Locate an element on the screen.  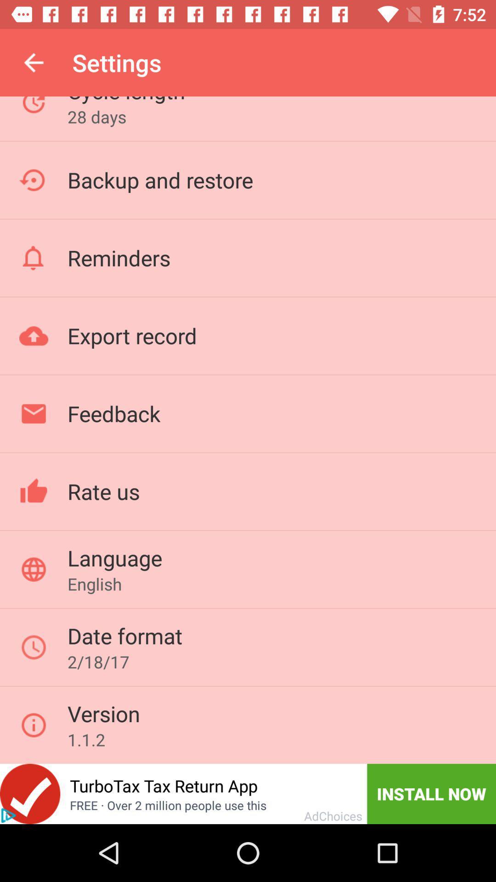
the item next to cycle length is located at coordinates (33, 62).